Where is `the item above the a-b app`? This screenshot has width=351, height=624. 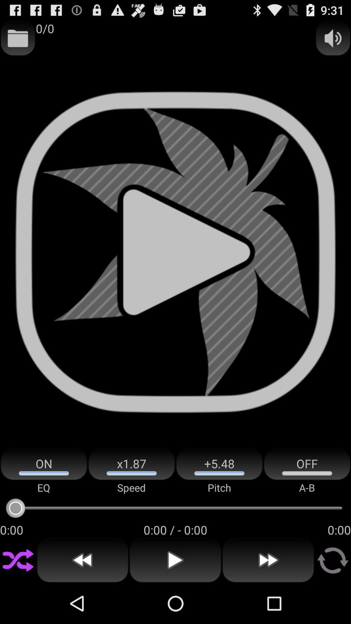
the item above the a-b app is located at coordinates (307, 464).